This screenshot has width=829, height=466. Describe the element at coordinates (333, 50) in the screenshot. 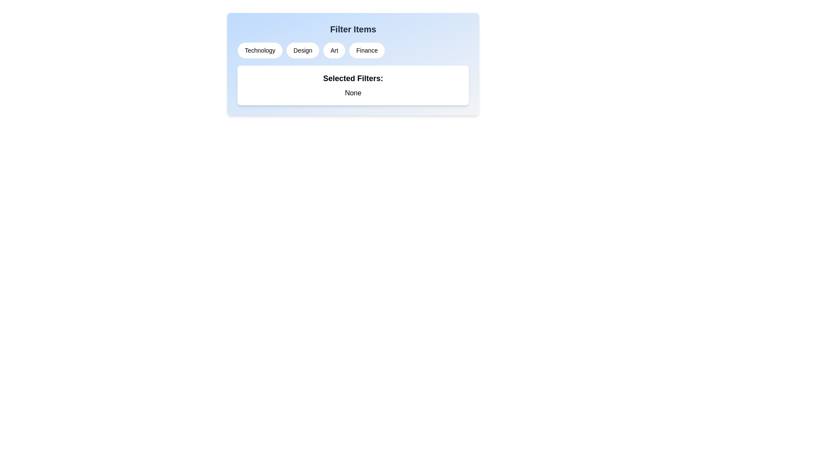

I see `the filter chip labeled Art` at that location.